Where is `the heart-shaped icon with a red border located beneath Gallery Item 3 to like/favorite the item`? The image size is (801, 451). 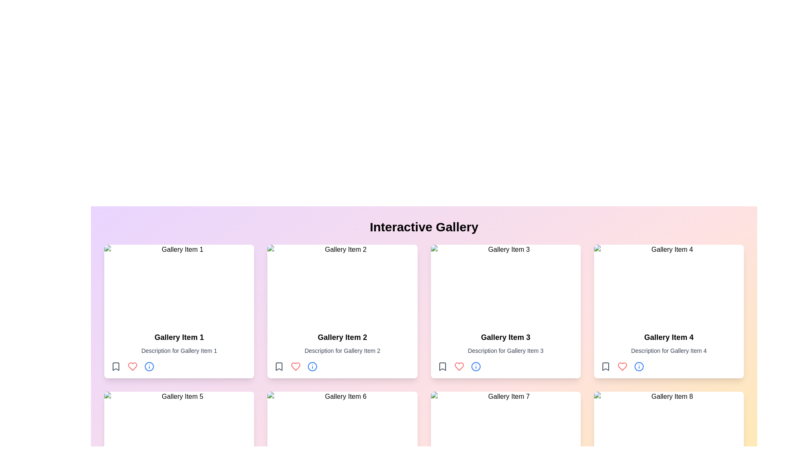 the heart-shaped icon with a red border located beneath Gallery Item 3 to like/favorite the item is located at coordinates (458, 366).